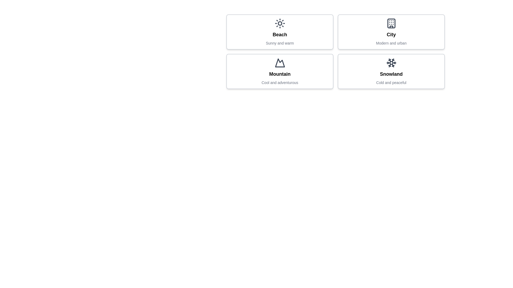  Describe the element at coordinates (279, 35) in the screenshot. I see `the textual header 'Beach', which is the topmost component in a card-like structure, featuring a sun icon above it and a smaller text 'Sunny and warm' below` at that location.